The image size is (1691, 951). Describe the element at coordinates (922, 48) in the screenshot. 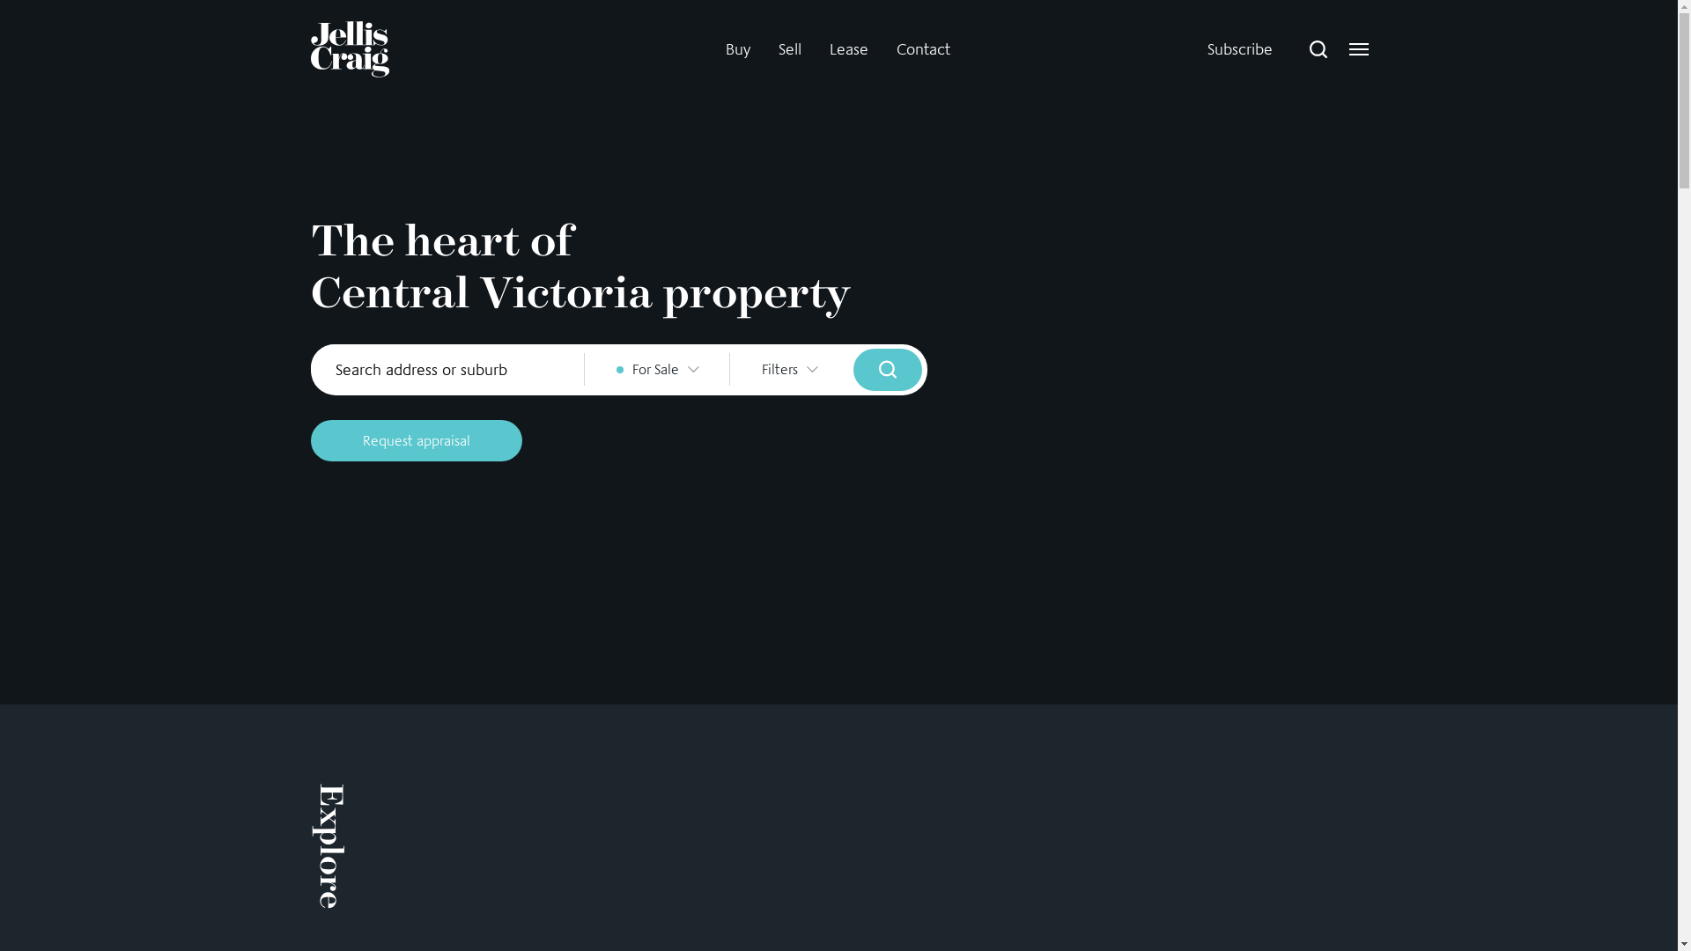

I see `'Contact'` at that location.